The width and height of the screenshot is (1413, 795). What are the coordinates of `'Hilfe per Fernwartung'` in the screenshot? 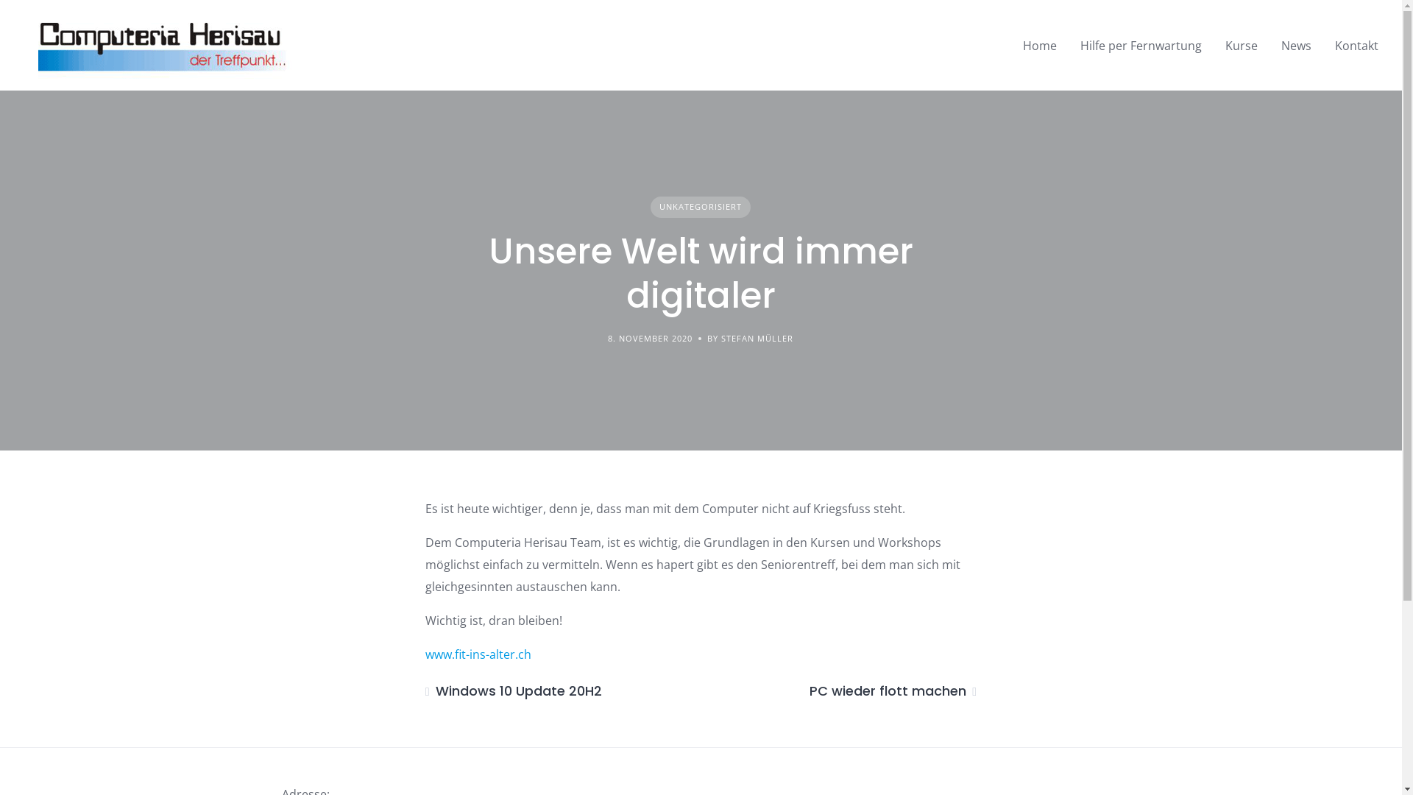 It's located at (1140, 44).